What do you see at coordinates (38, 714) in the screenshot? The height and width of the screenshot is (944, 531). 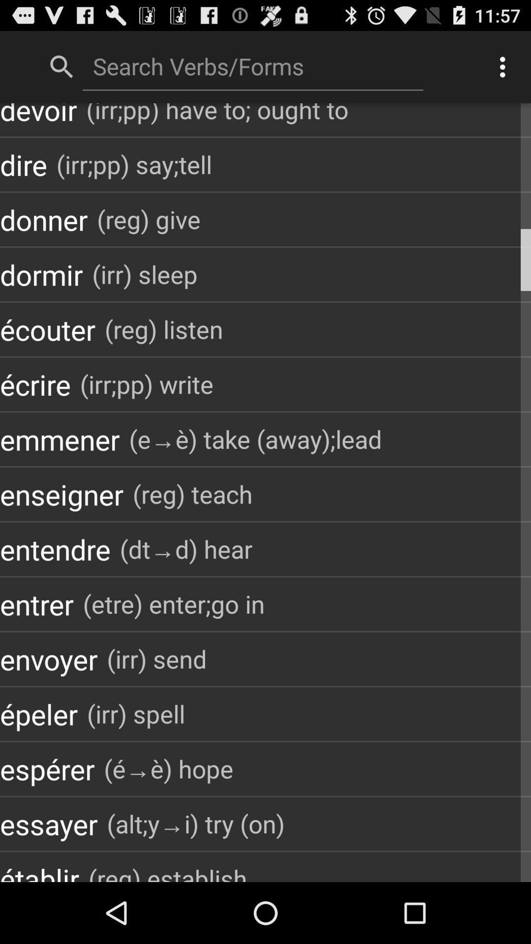 I see `item to the left of the (irr) spell` at bounding box center [38, 714].